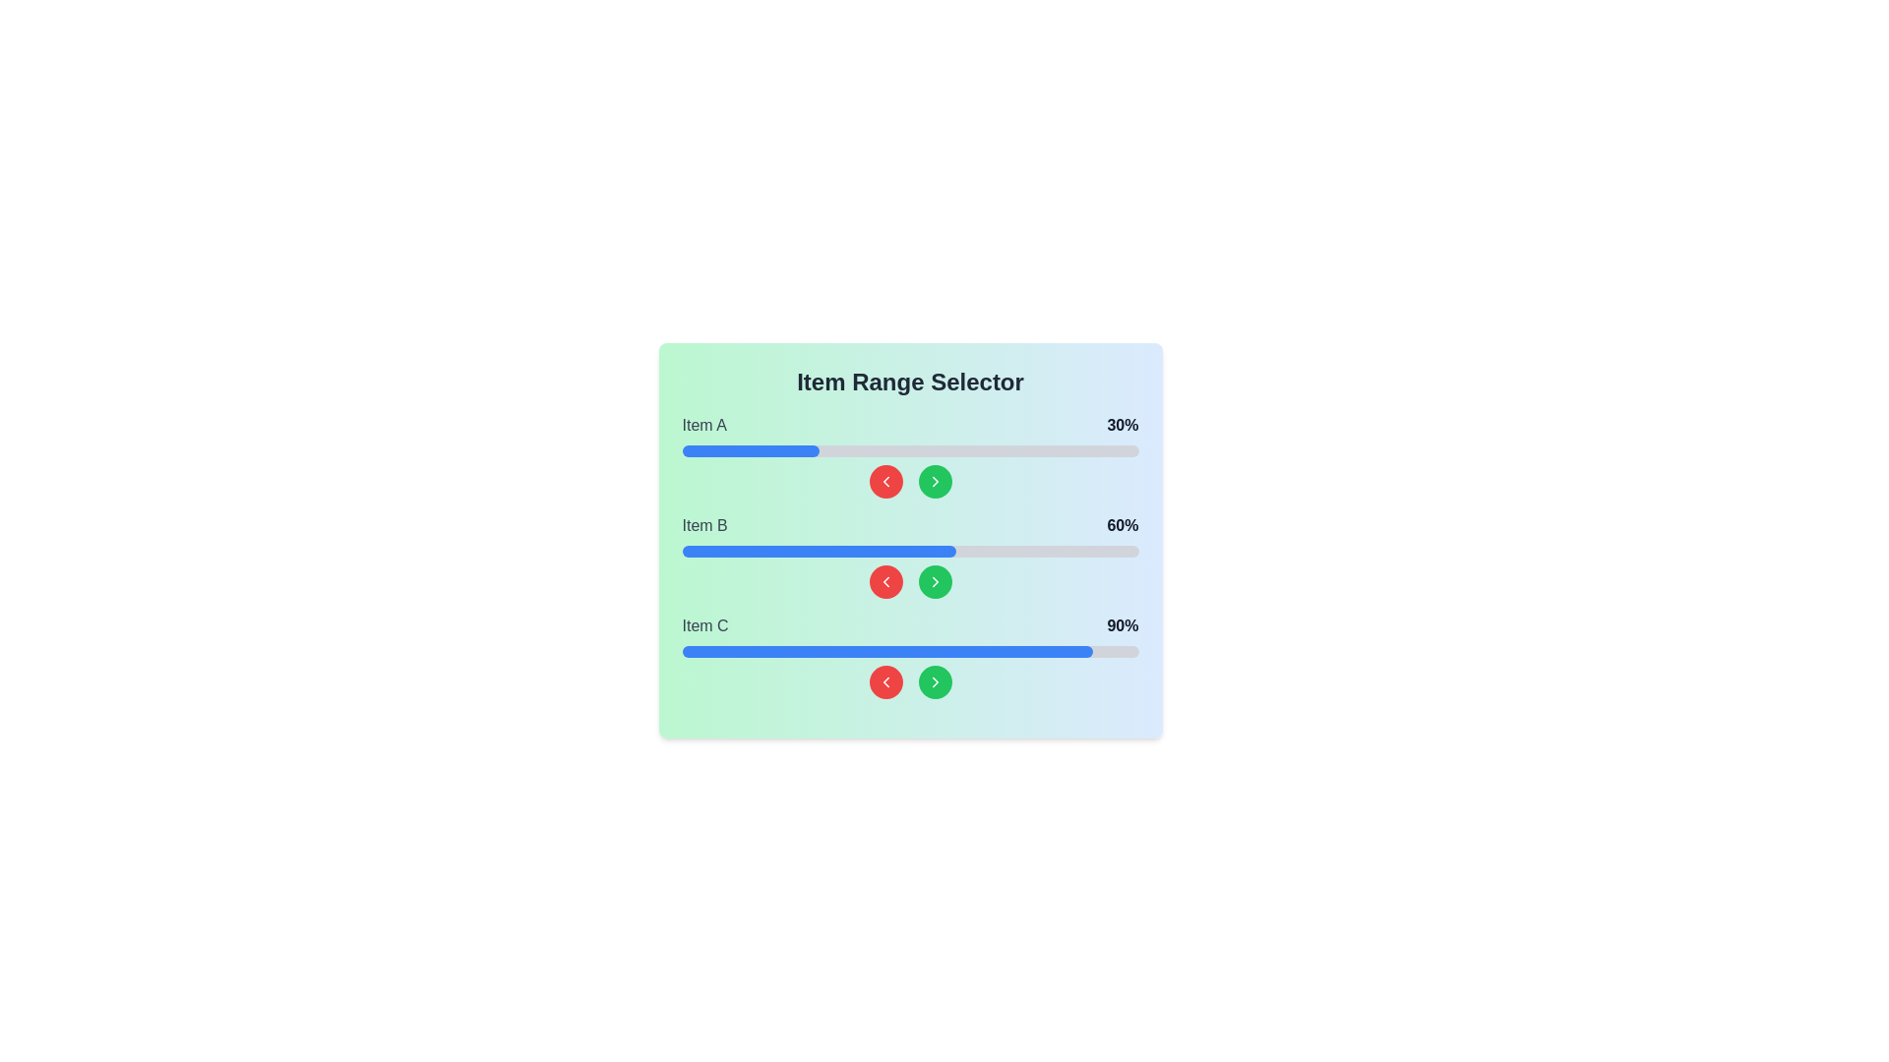  Describe the element at coordinates (886, 652) in the screenshot. I see `the progress completion of the third range slider labeled 'Item C', which visually indicates a completion status of 90%` at that location.